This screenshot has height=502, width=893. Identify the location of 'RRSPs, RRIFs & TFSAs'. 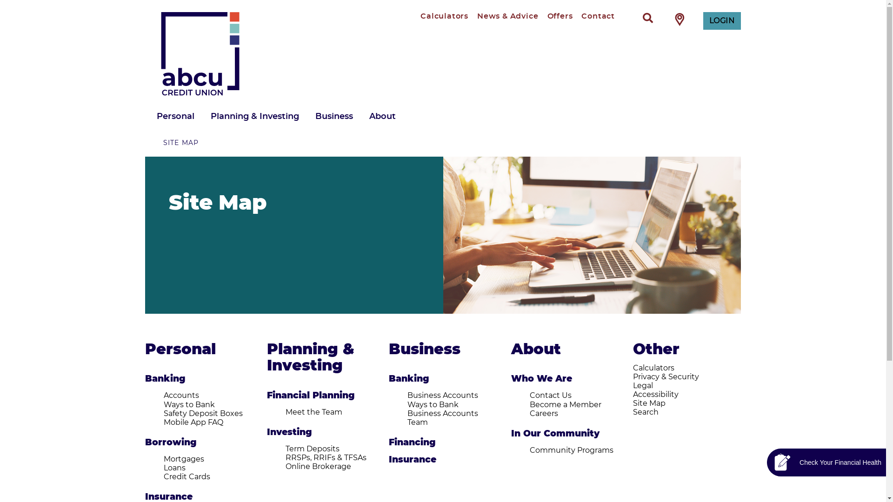
(285, 457).